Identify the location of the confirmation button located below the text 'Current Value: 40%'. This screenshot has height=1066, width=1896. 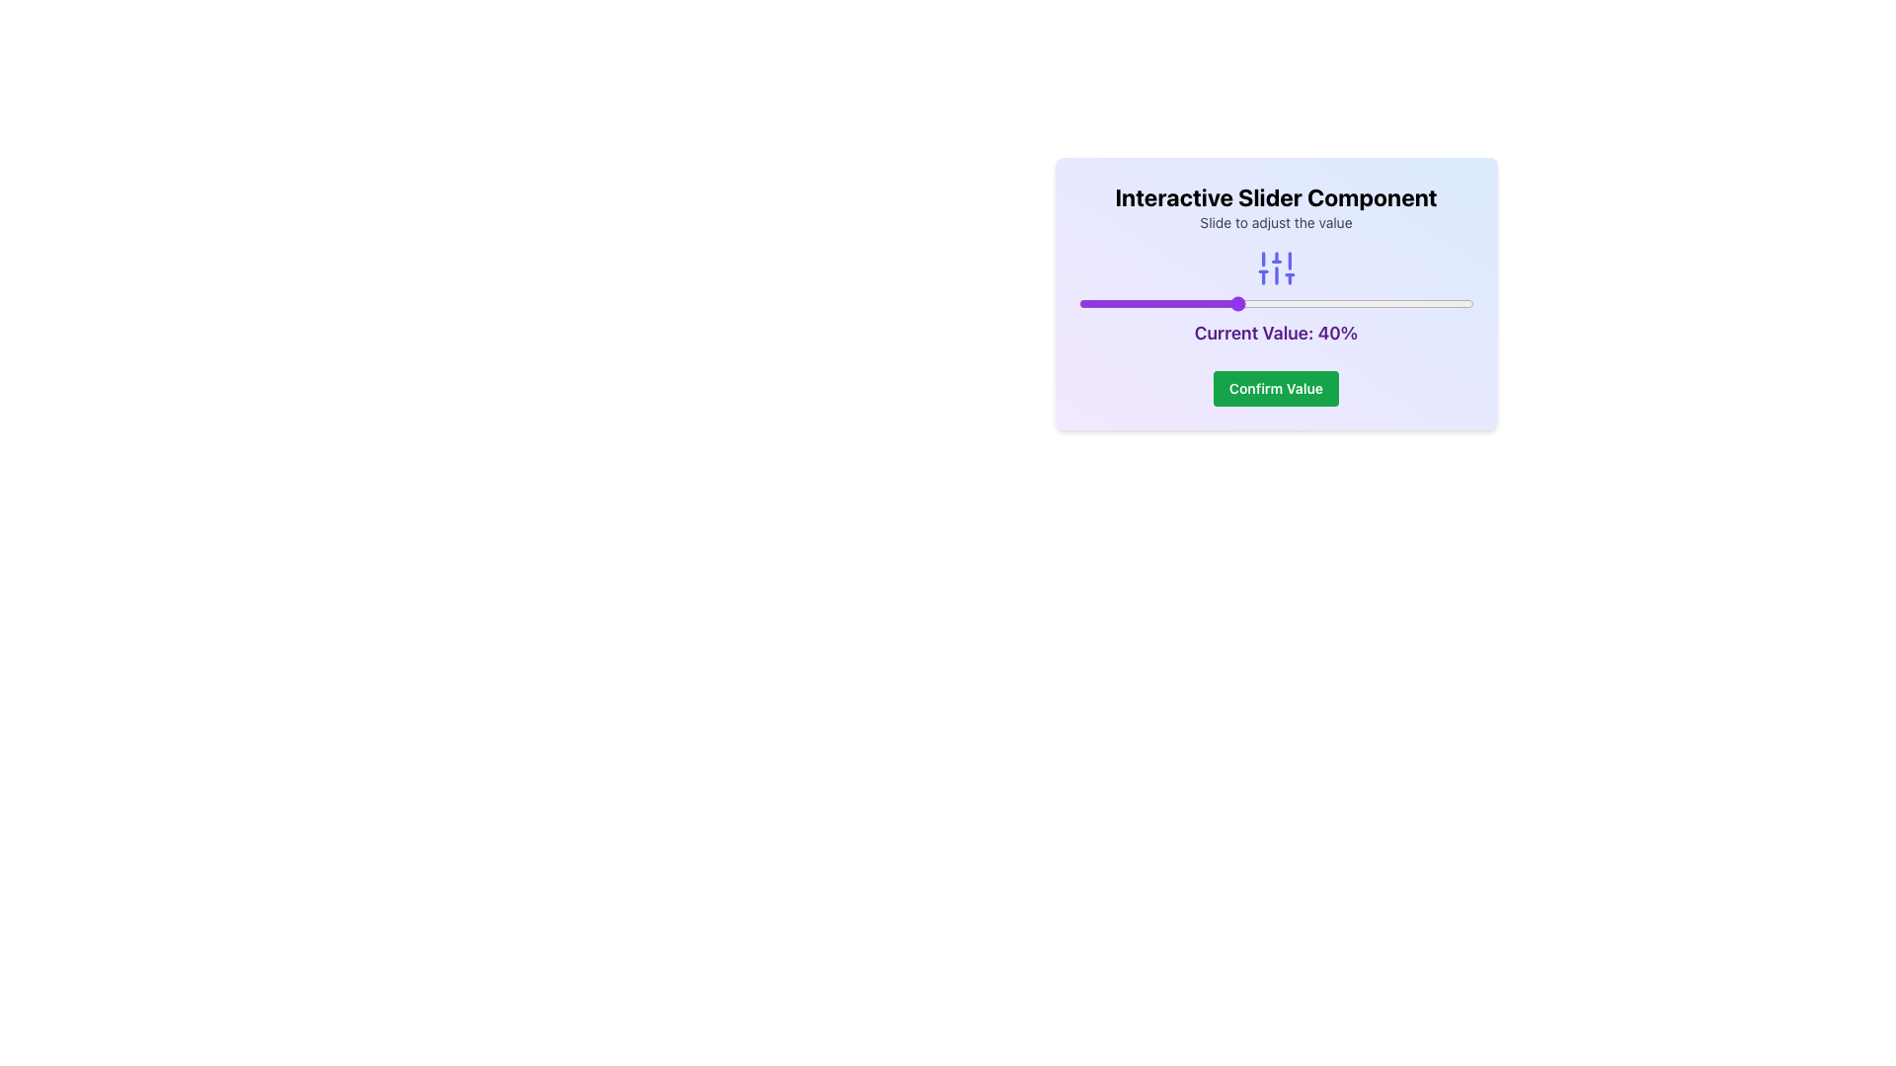
(1276, 388).